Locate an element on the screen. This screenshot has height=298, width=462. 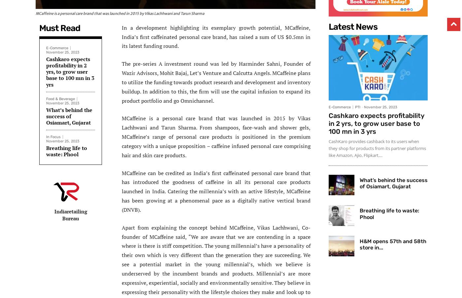
'PTI' is located at coordinates (358, 107).